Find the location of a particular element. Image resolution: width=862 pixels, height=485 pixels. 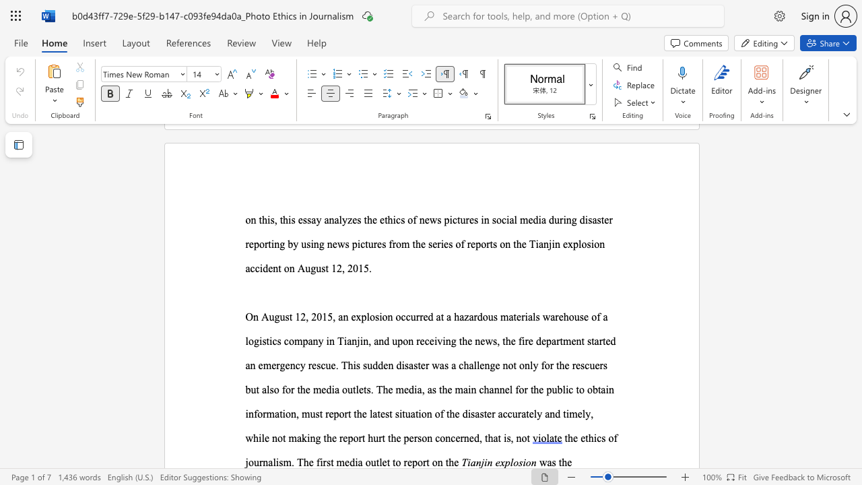

the subset text "njin explosio" within the text "Tianjin explosion" is located at coordinates (475, 461).